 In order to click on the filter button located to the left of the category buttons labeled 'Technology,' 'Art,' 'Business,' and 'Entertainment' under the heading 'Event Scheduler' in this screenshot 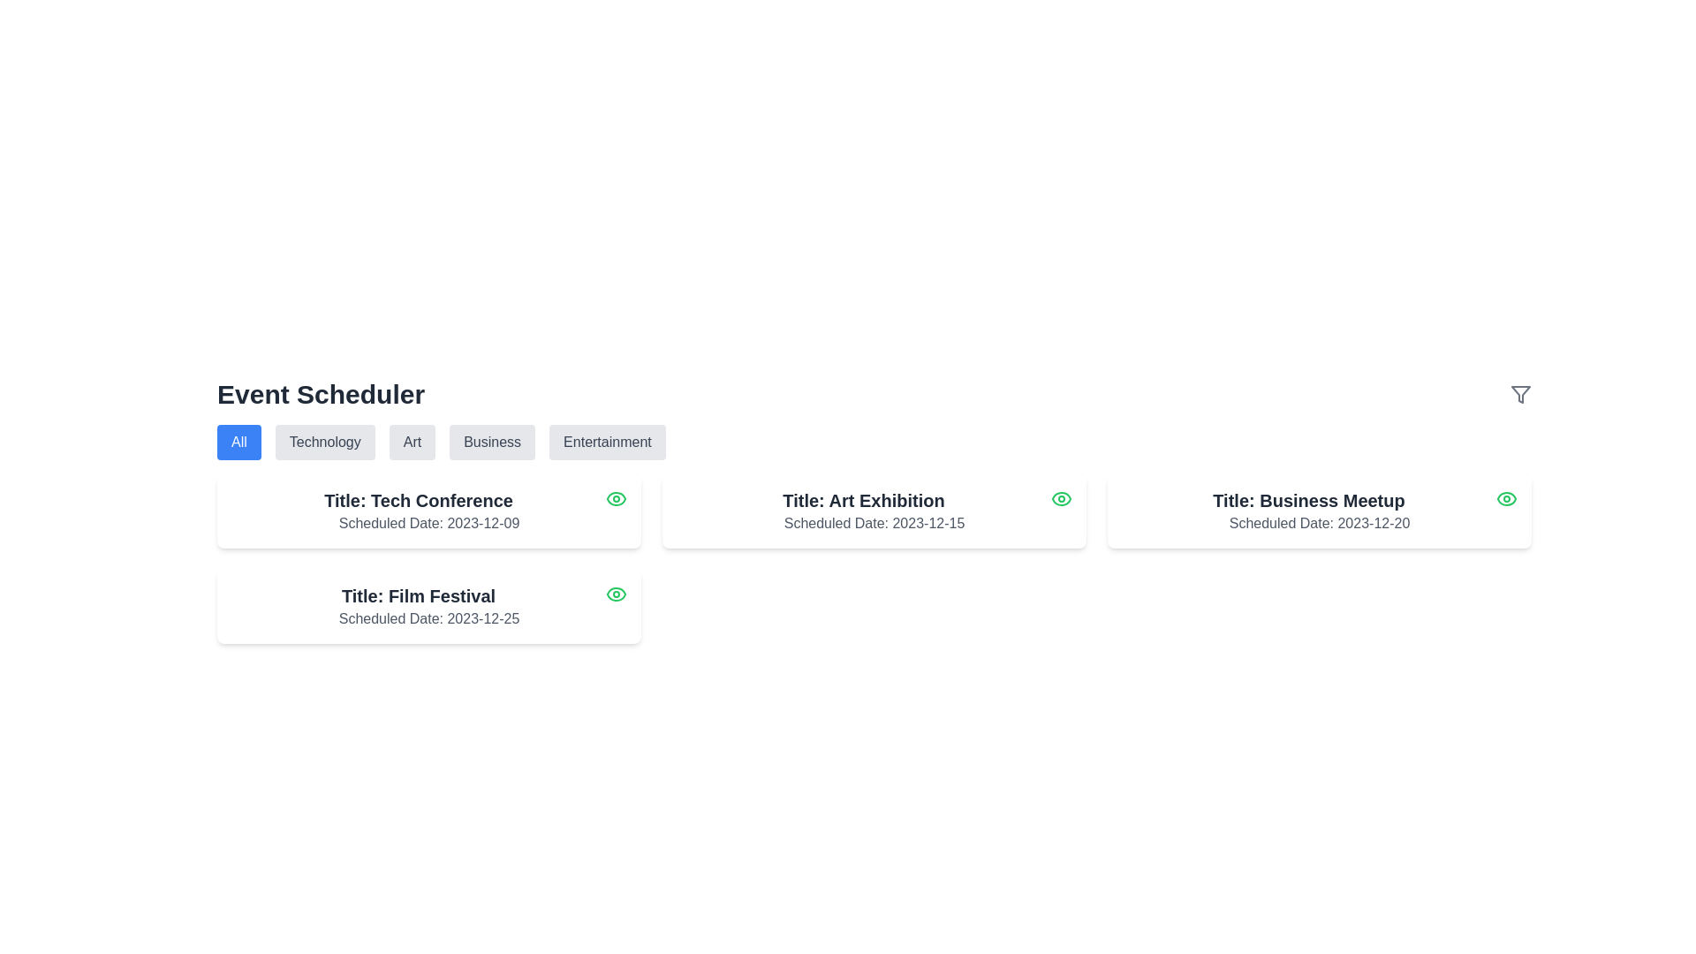, I will do `click(238, 442)`.